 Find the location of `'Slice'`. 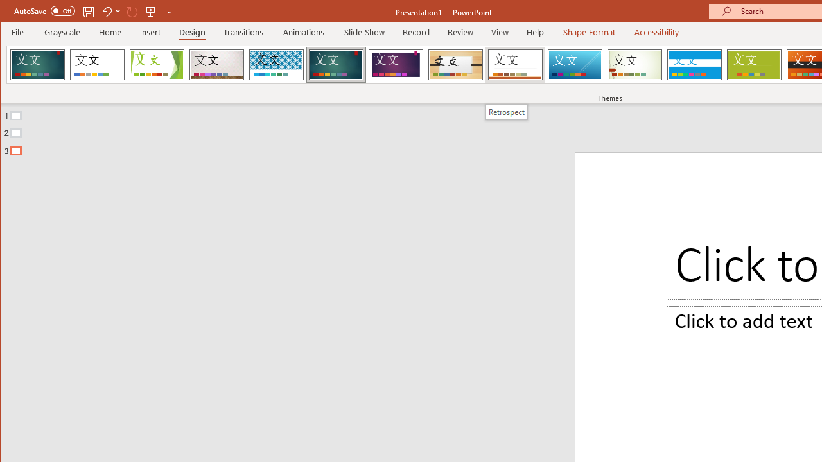

'Slice' is located at coordinates (574, 64).